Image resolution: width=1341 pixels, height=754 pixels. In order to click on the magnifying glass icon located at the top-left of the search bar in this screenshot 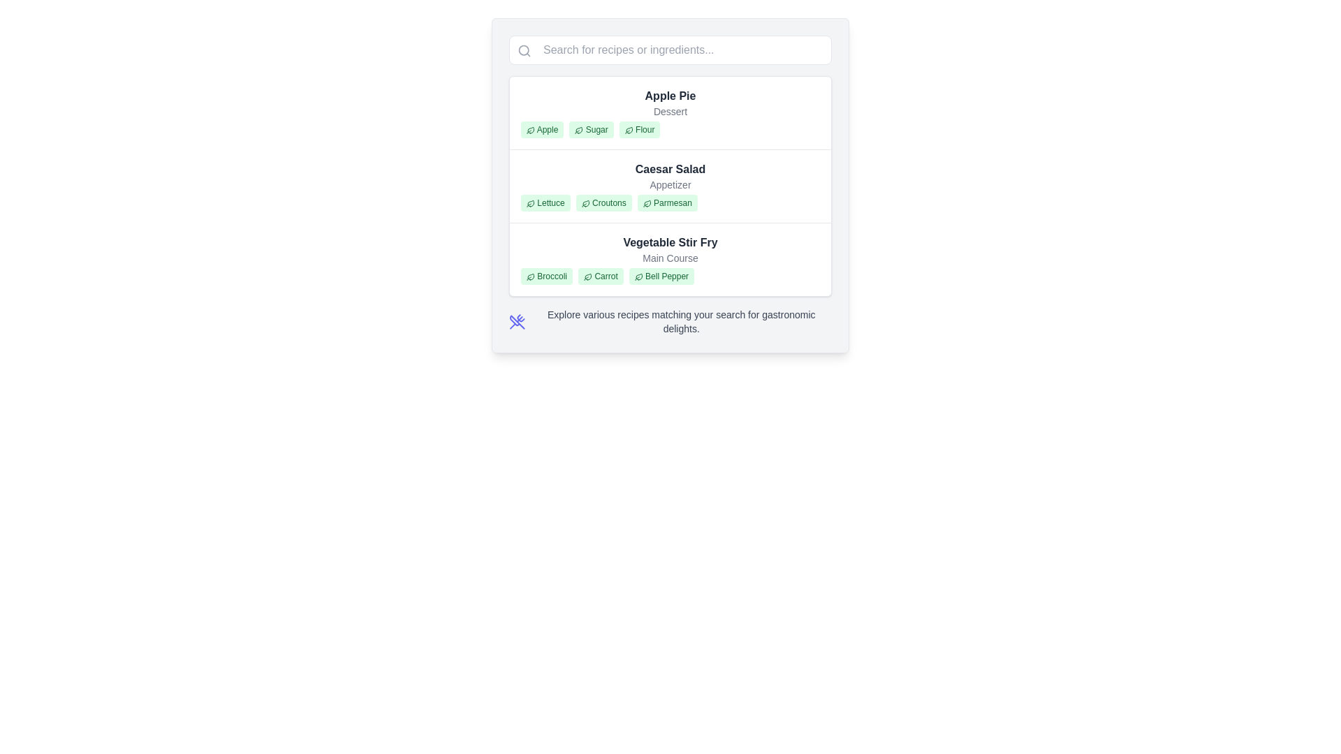, I will do `click(523, 50)`.